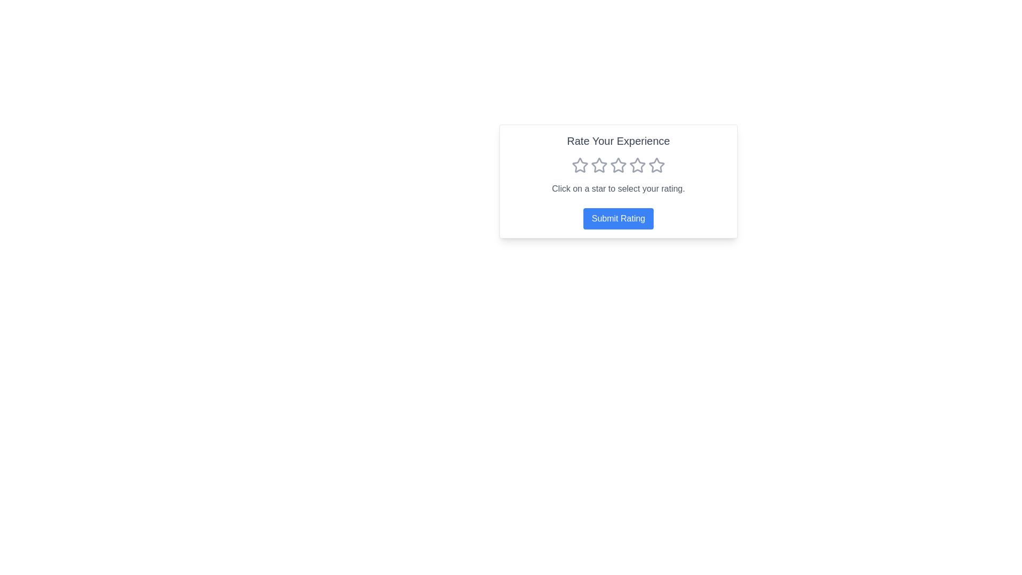 The height and width of the screenshot is (575, 1022). Describe the element at coordinates (618, 166) in the screenshot. I see `the fourth star in the five-star rating system` at that location.